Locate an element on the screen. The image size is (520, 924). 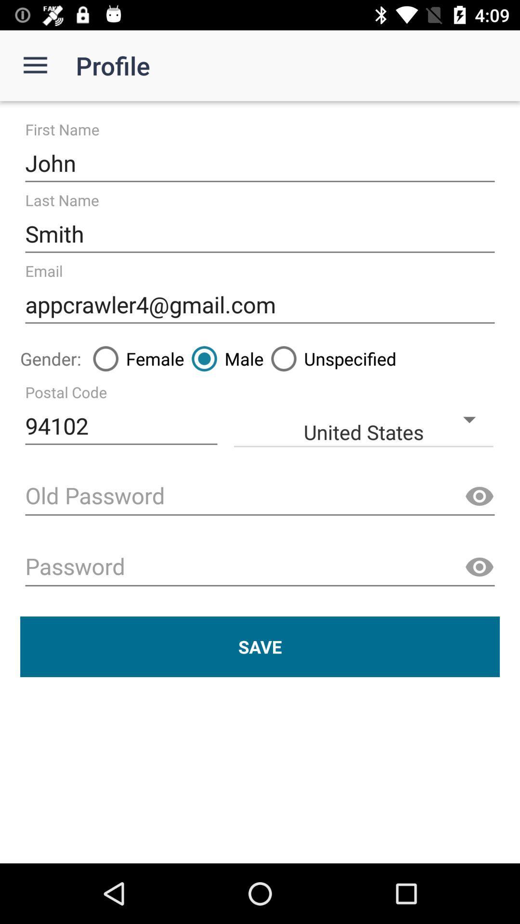
the visibility icon is located at coordinates (479, 567).